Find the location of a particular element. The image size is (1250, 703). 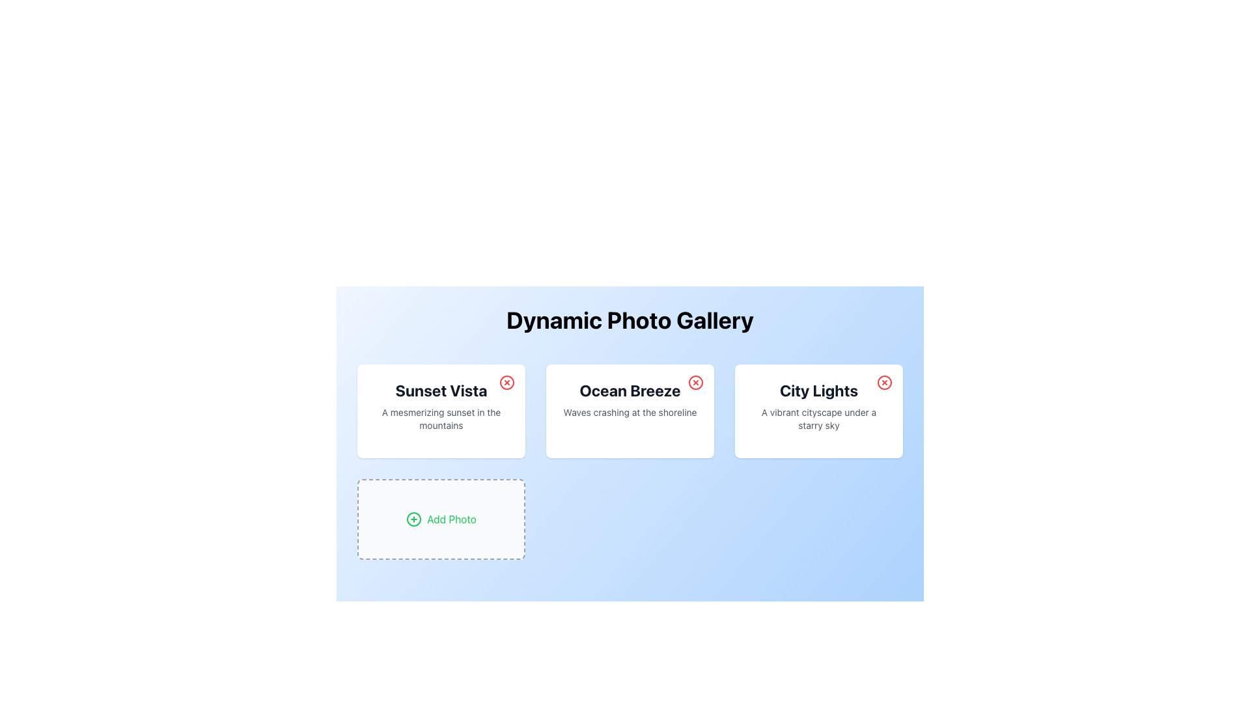

the button located in the first column of the last row of a grid layout beneath the 'Sunset Vista' entry is located at coordinates (441, 519).